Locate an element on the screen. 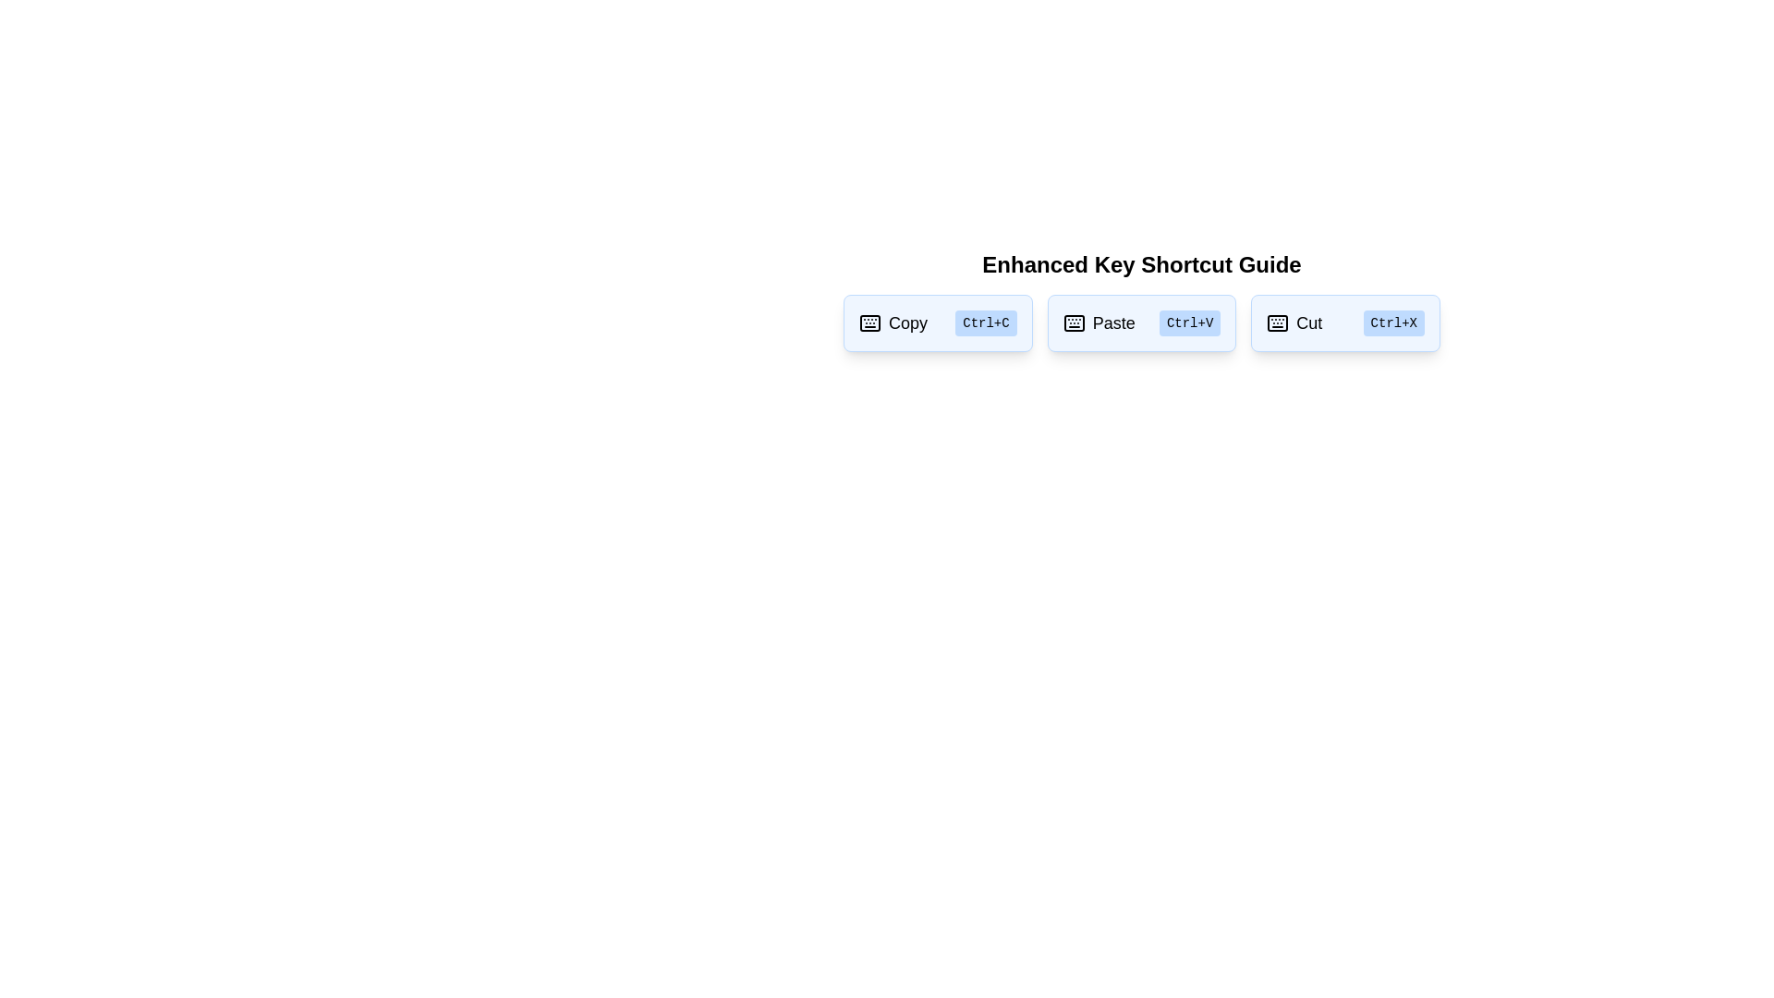 The image size is (1774, 998). the static label displaying the key combination 'Ctrl+X' for the 'Cut' action, which is positioned on the right side of the group of labels in the 'Enhanced Key Shortcut Guide' is located at coordinates (1393, 323).